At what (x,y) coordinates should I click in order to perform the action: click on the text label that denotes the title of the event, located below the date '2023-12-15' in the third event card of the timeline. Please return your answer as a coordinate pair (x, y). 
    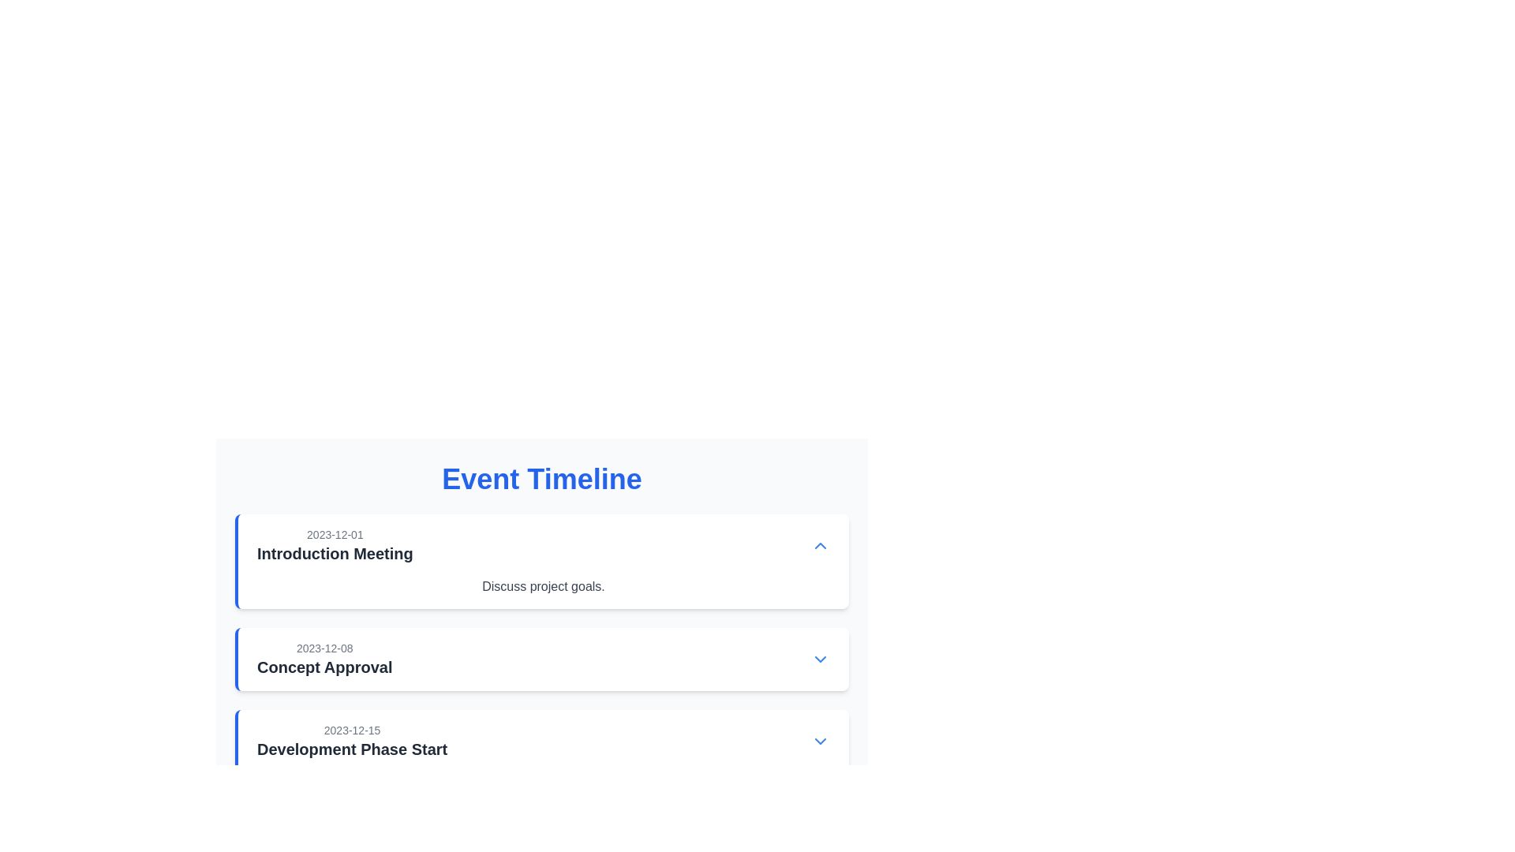
    Looking at the image, I should click on (351, 748).